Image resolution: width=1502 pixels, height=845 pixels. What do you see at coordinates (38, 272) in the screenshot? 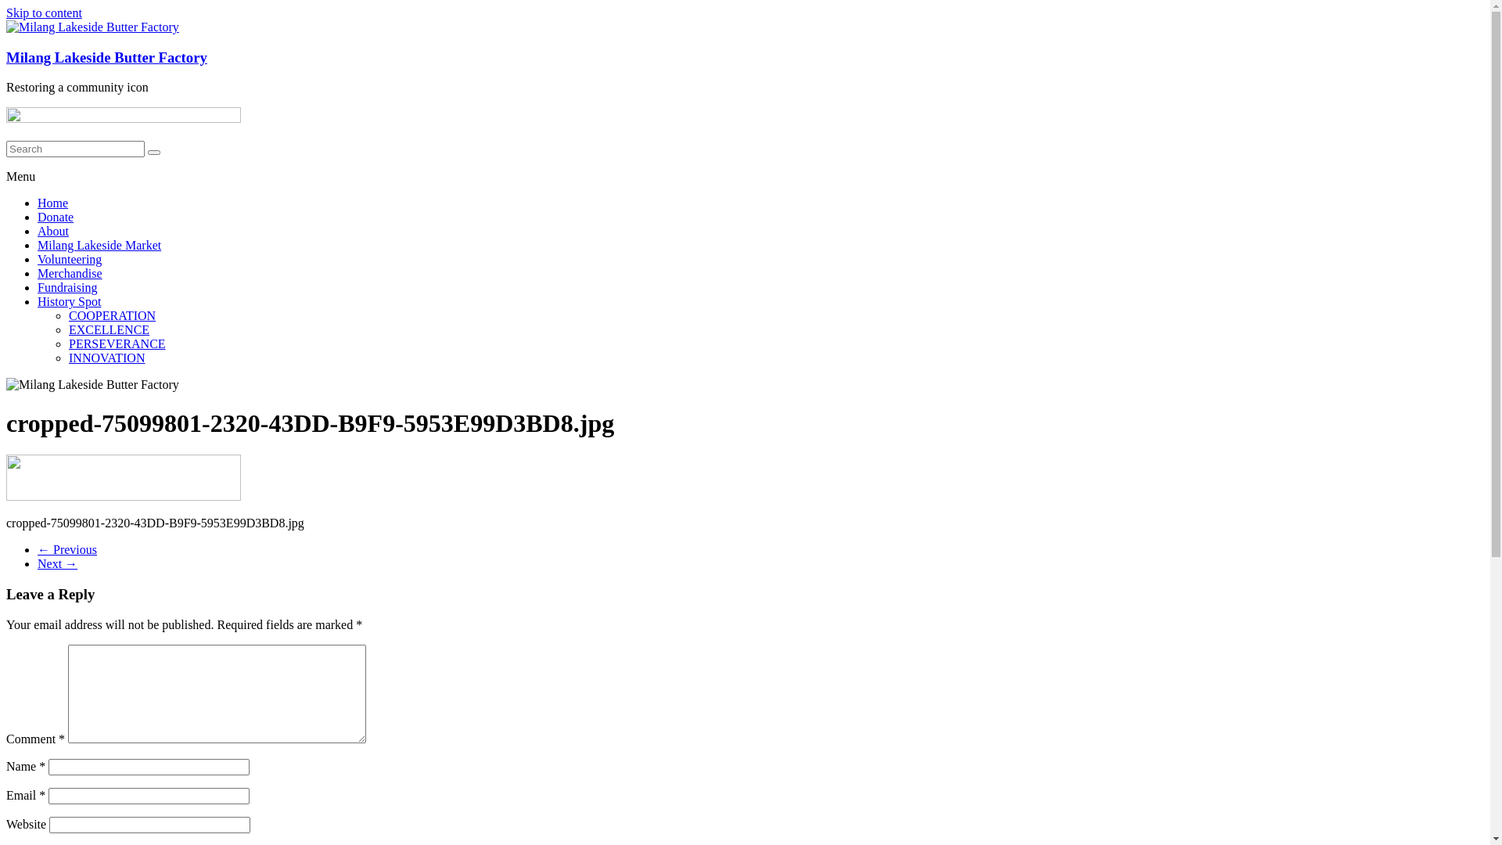
I see `'Merchandise'` at bounding box center [38, 272].